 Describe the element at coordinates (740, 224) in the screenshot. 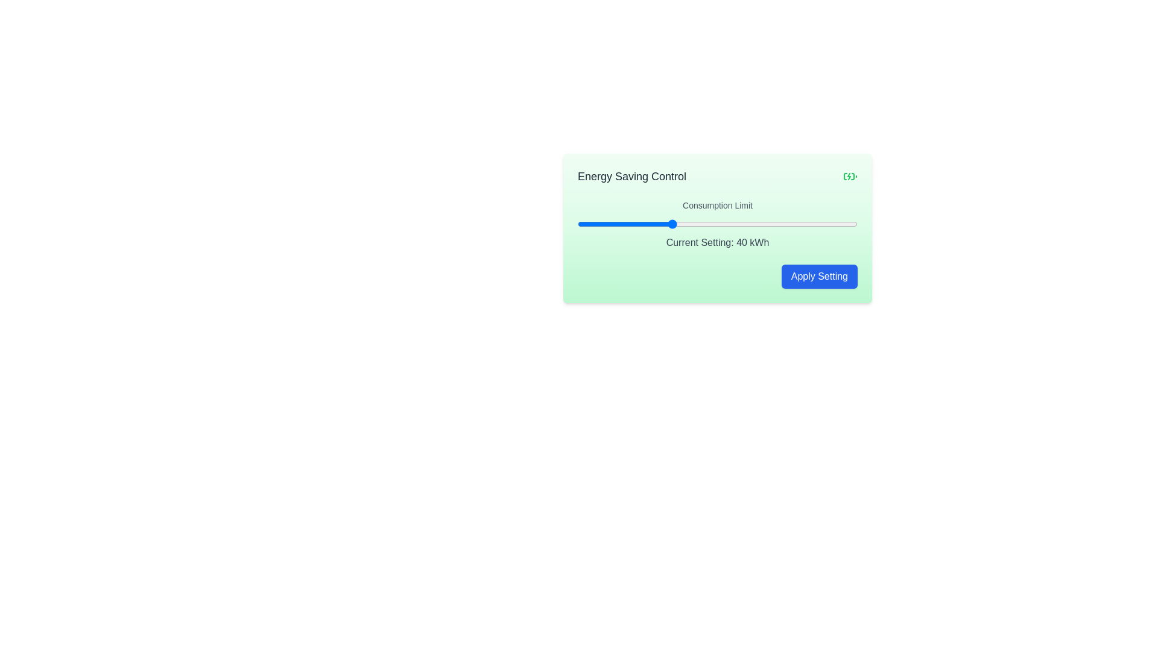

I see `the consumption limit slider to set the value to 55` at that location.